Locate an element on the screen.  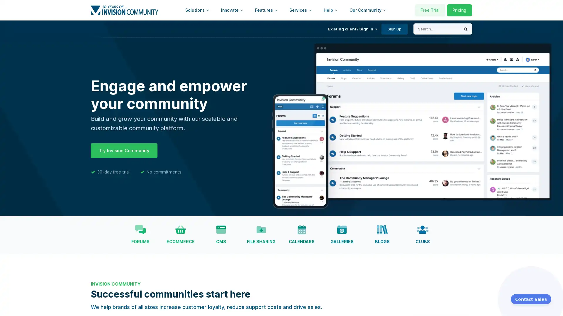
Innovate is located at coordinates (232, 10).